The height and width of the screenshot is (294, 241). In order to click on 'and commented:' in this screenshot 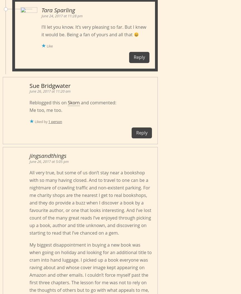, I will do `click(98, 102)`.